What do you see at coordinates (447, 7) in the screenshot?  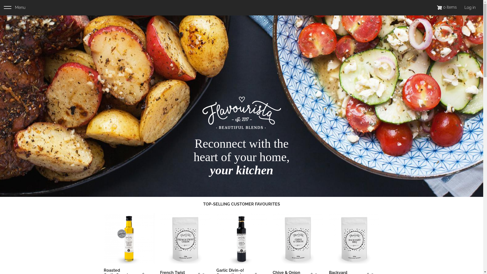 I see `'0 items'` at bounding box center [447, 7].